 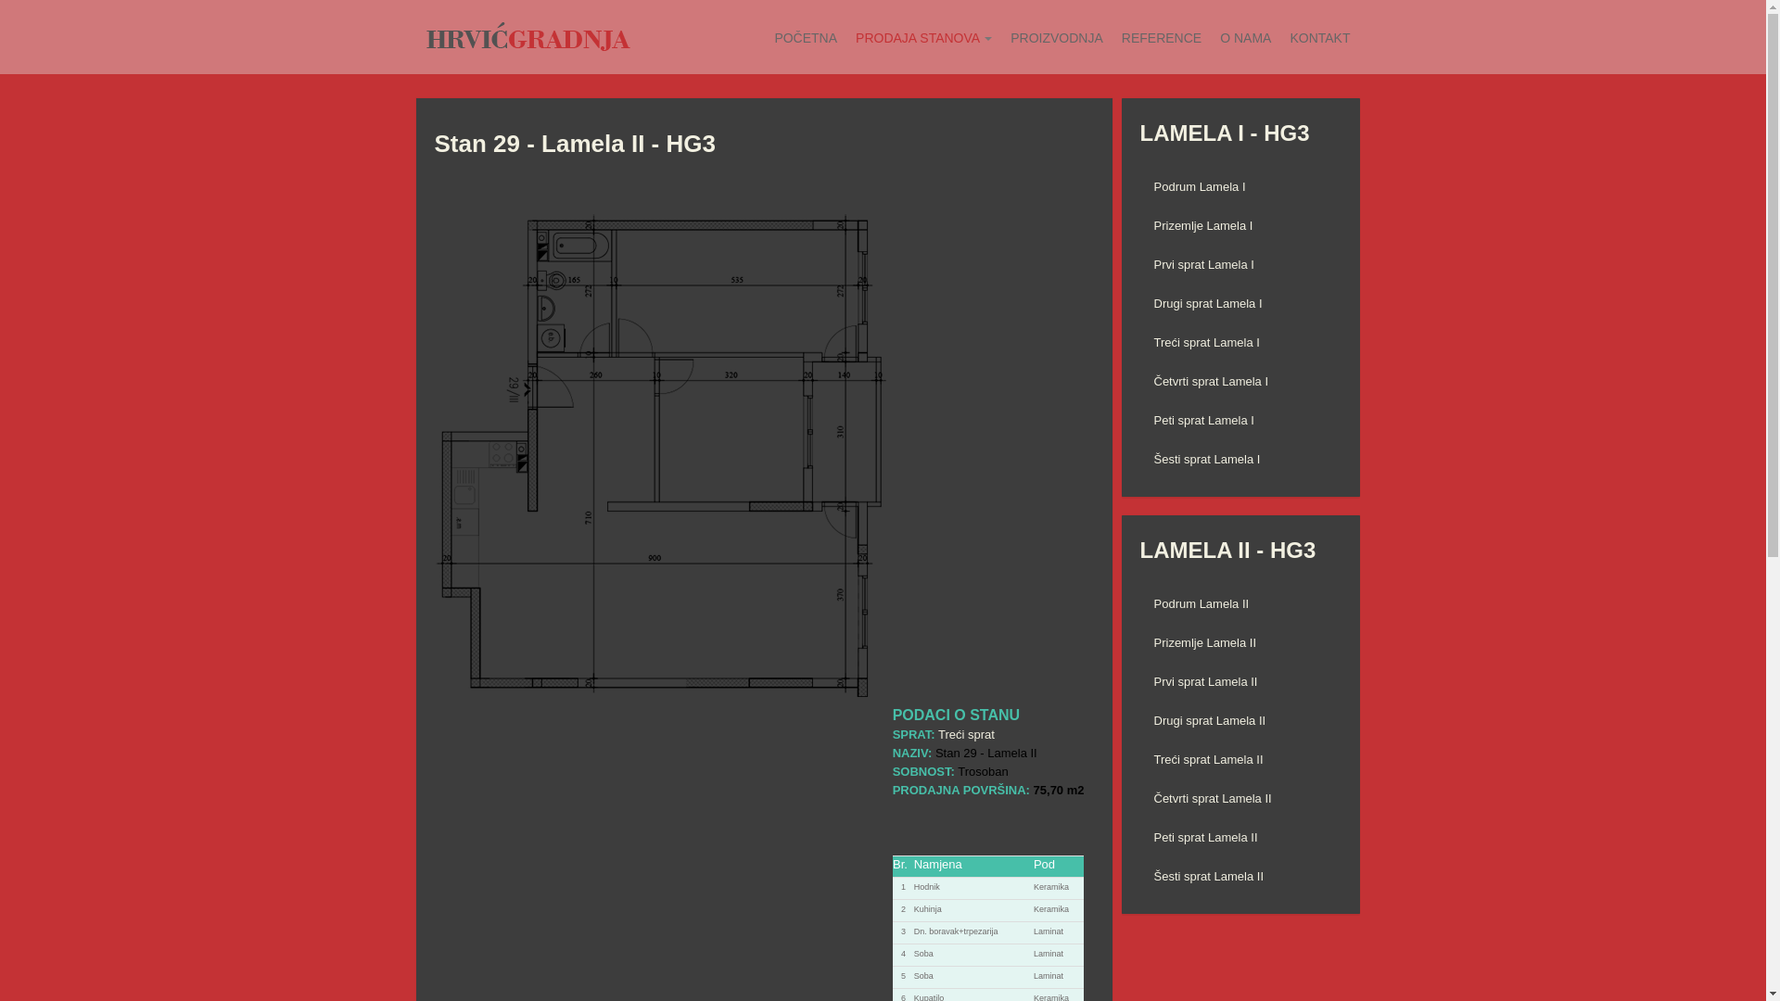 What do you see at coordinates (1240, 264) in the screenshot?
I see `'Prvi sprat Lamela I'` at bounding box center [1240, 264].